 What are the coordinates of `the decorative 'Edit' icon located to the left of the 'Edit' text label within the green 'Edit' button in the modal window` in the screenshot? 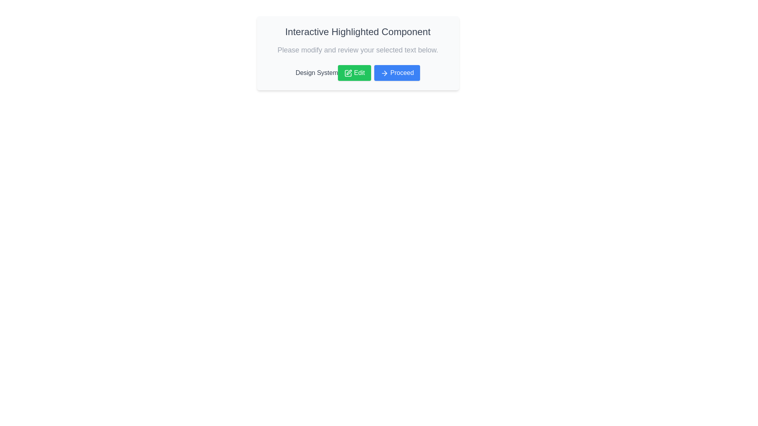 It's located at (348, 73).